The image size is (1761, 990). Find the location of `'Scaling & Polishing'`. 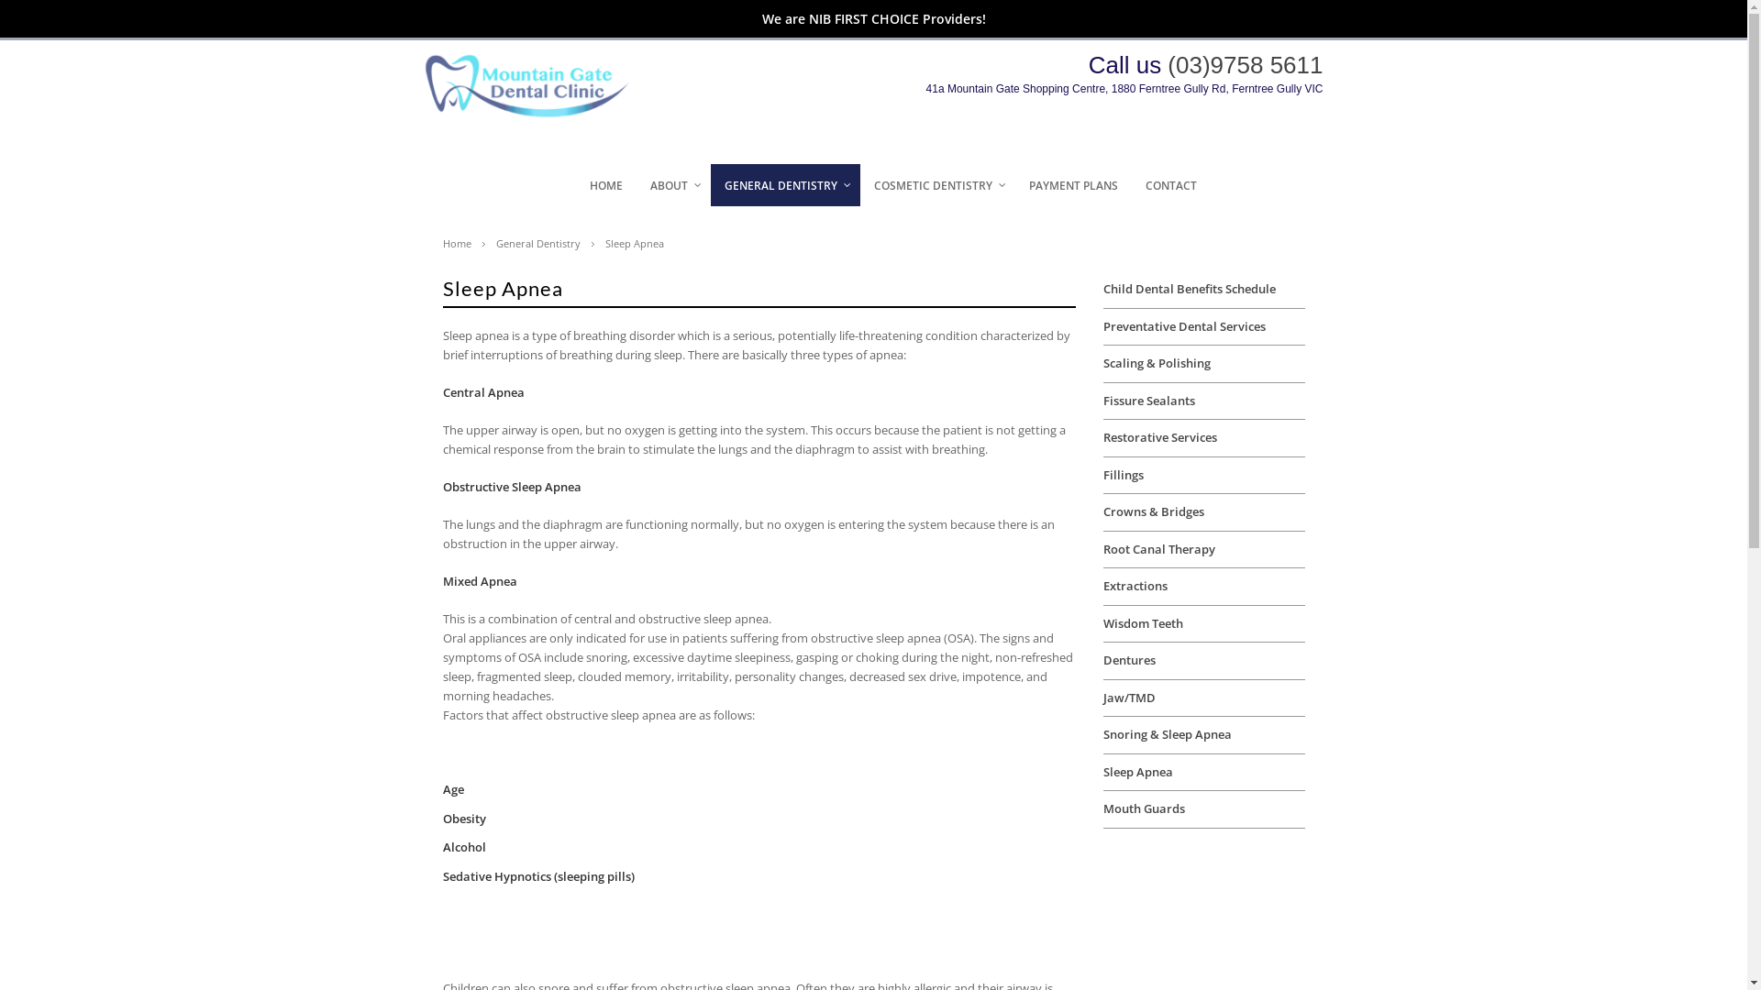

'Scaling & Polishing' is located at coordinates (1155, 363).